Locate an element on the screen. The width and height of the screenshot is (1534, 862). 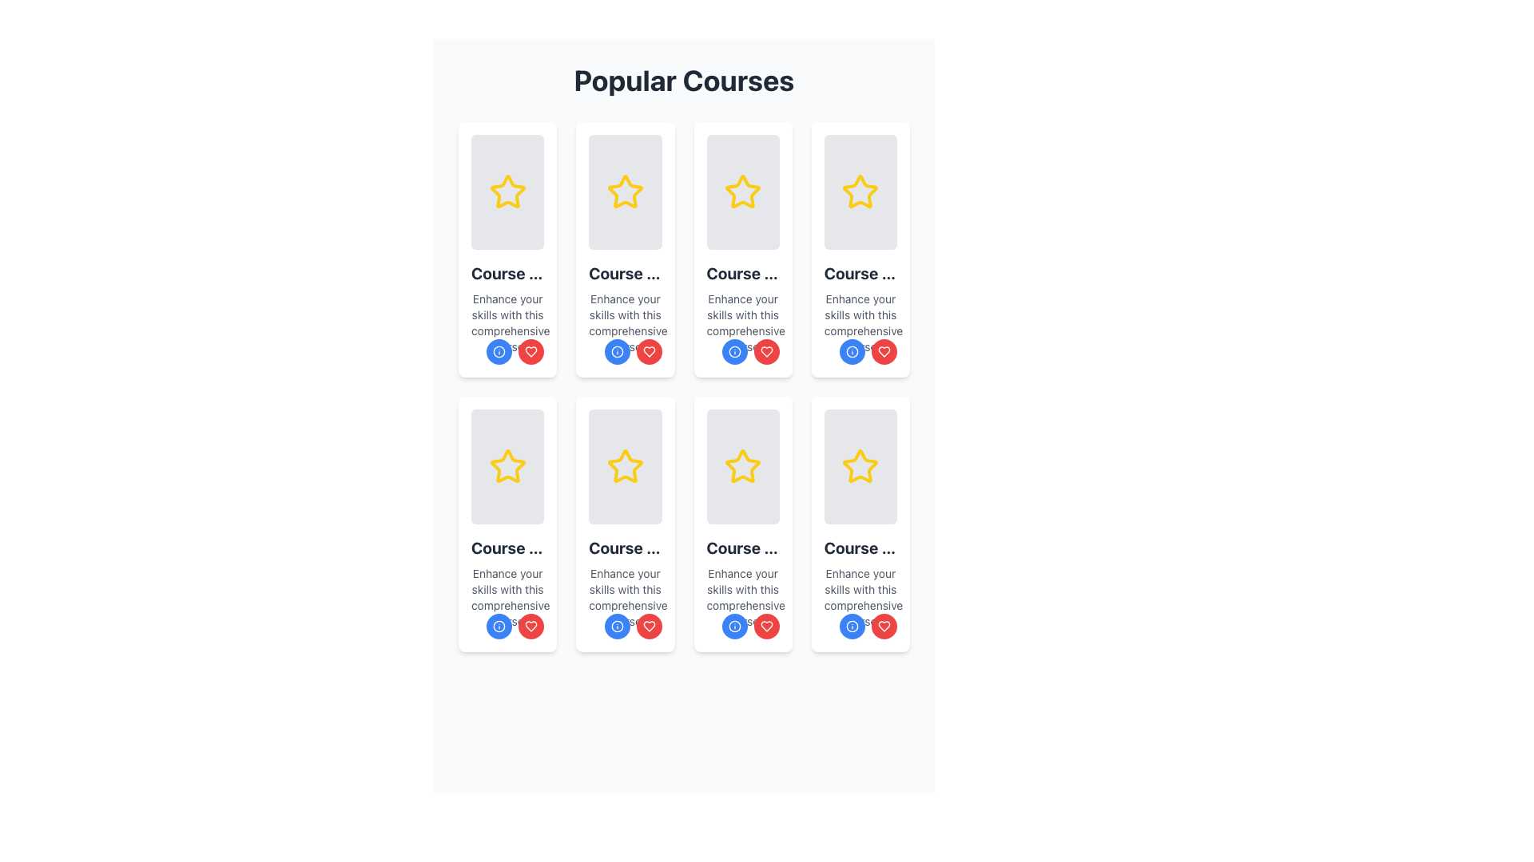
the red heart-shaped icon button located at the bottom right corner of the individual course card is located at coordinates (531, 350).